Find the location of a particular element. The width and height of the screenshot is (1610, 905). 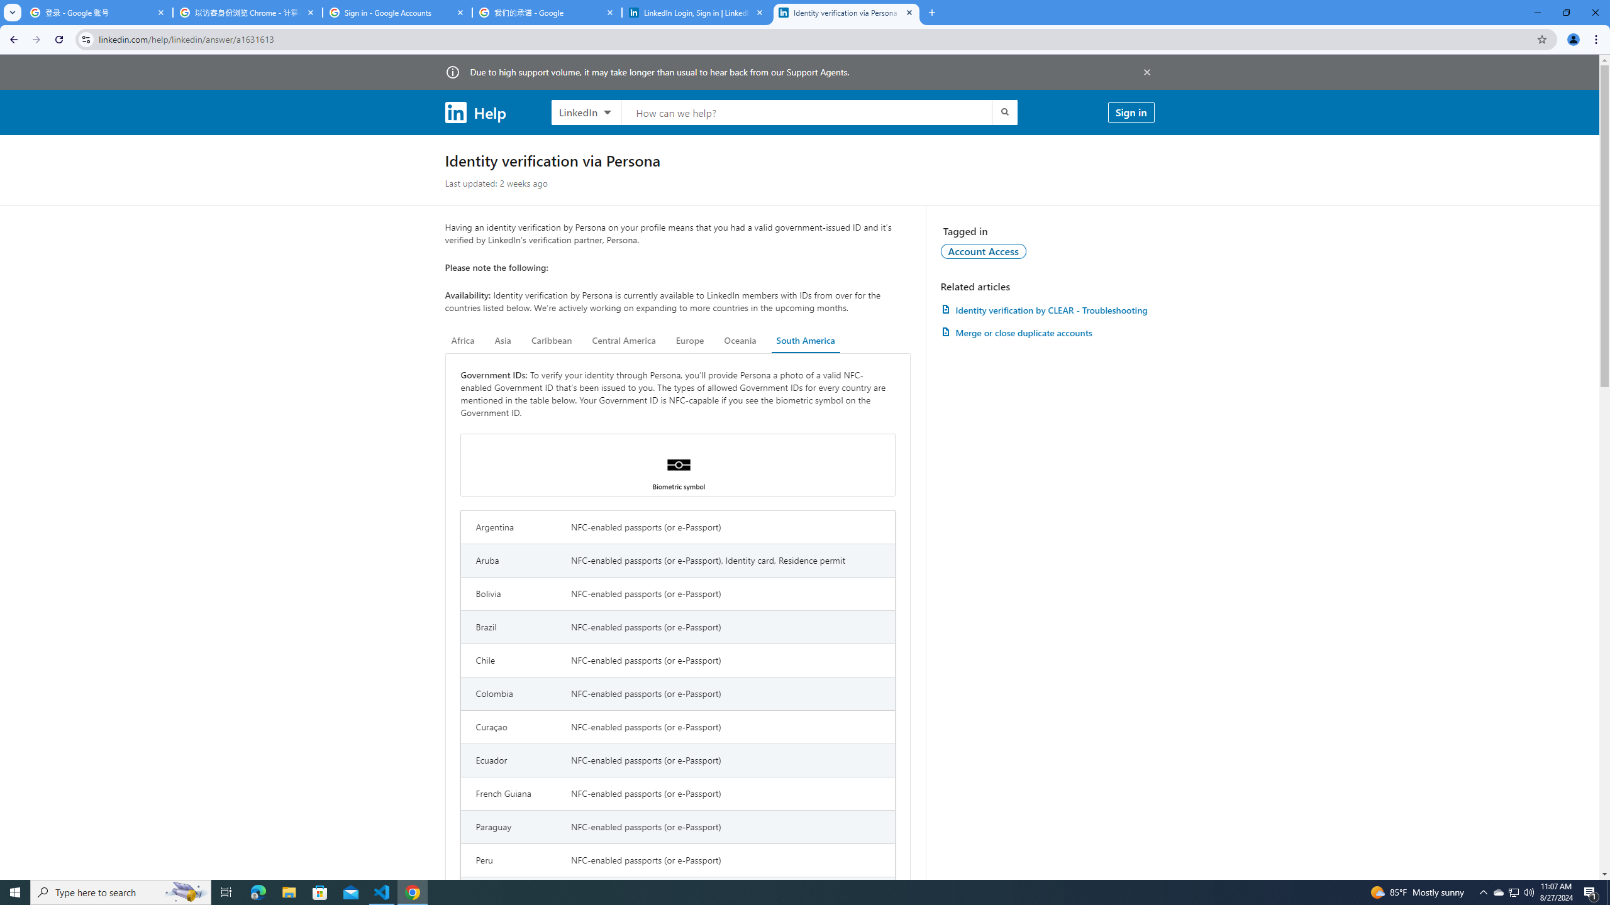

'Caribbean' is located at coordinates (552, 340).